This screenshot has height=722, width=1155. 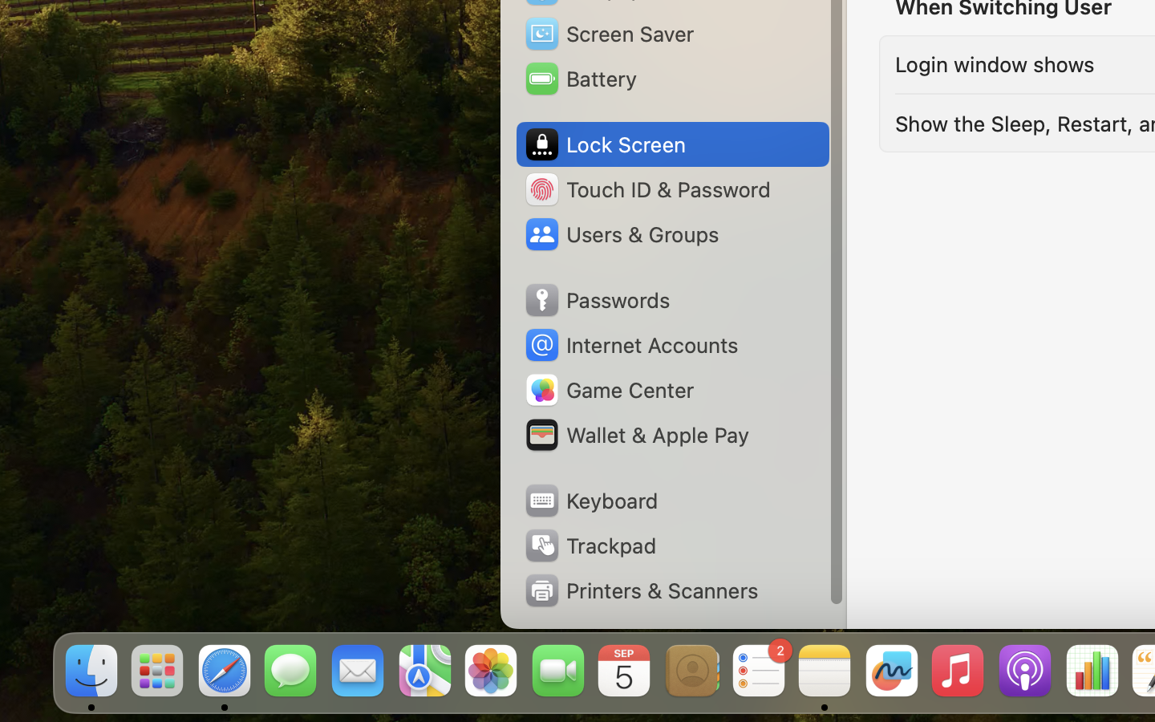 I want to click on 'Wallet & Apple Pay', so click(x=636, y=433).